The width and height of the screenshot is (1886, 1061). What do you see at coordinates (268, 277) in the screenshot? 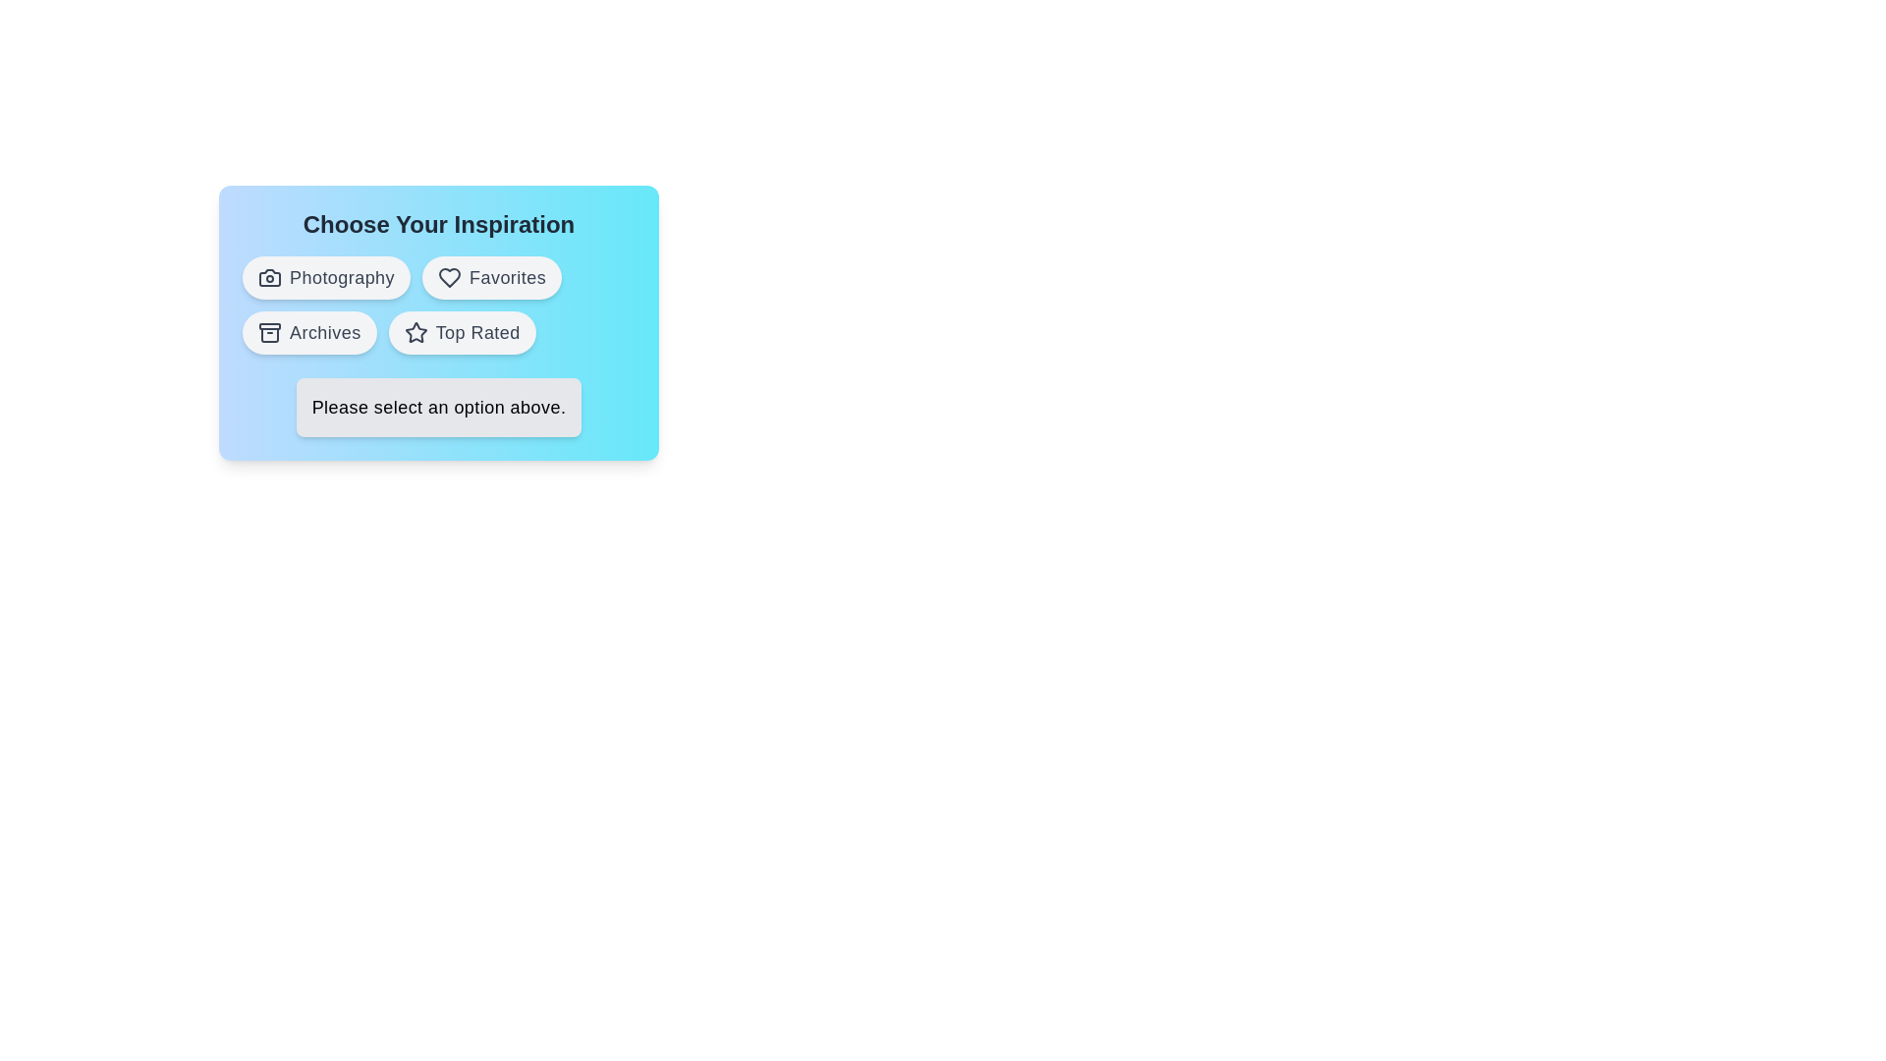
I see `the 'Photography' icon, which features a camera graphic located in the top-left option of the selection box` at bounding box center [268, 277].